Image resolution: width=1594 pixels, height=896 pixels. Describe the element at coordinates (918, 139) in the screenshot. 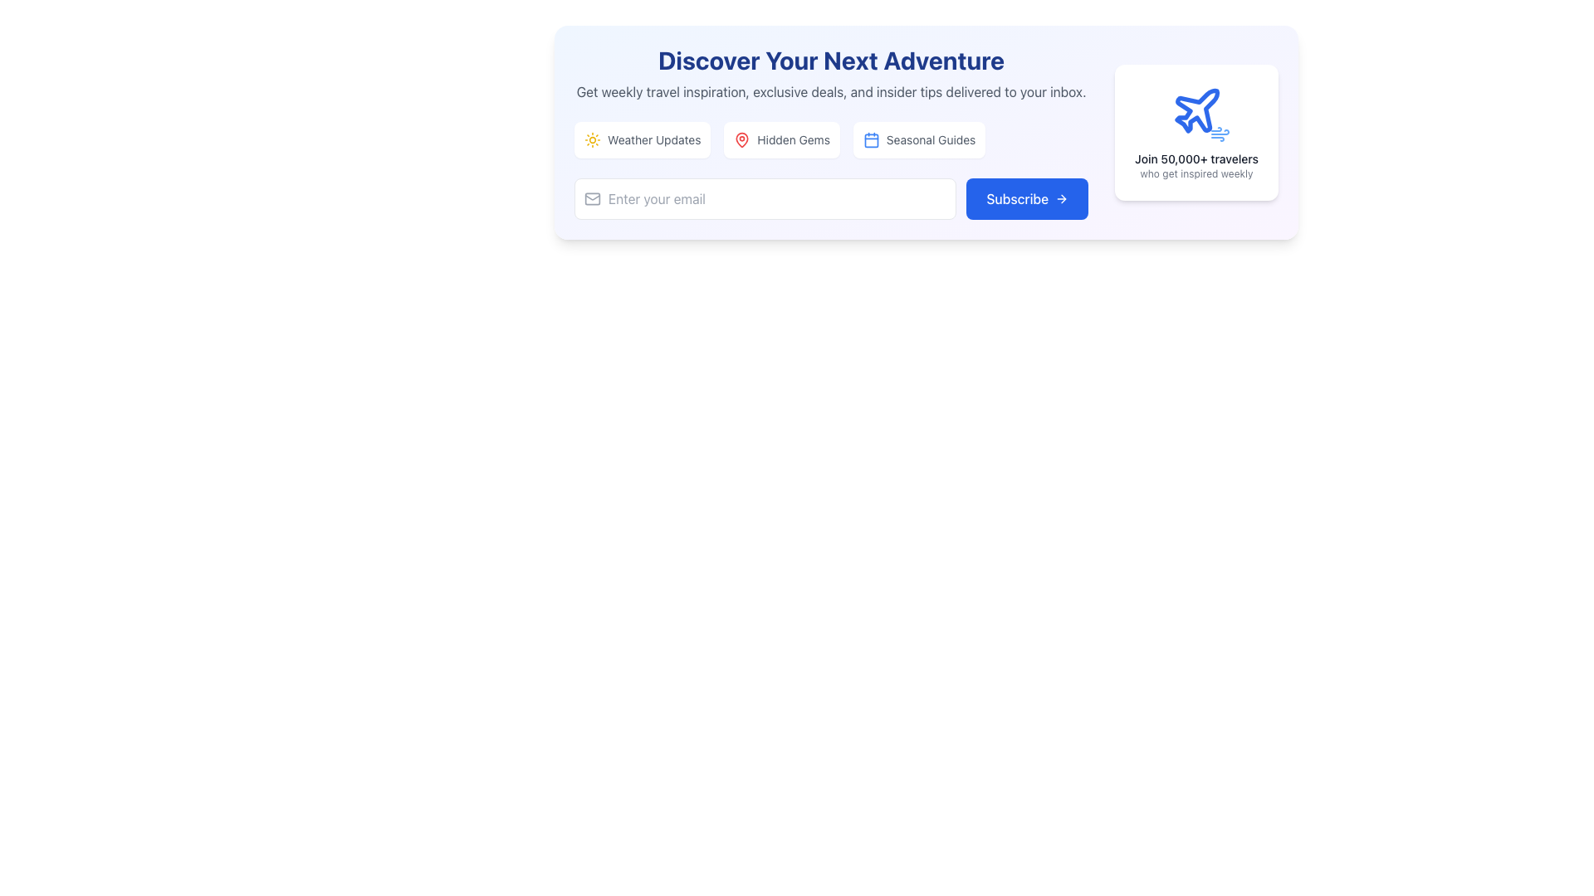

I see `the navigation button that directs users to seasonal guides, positioned as the third button in a horizontal layout following 'Weather Updates' and 'Hidden Gems'` at that location.